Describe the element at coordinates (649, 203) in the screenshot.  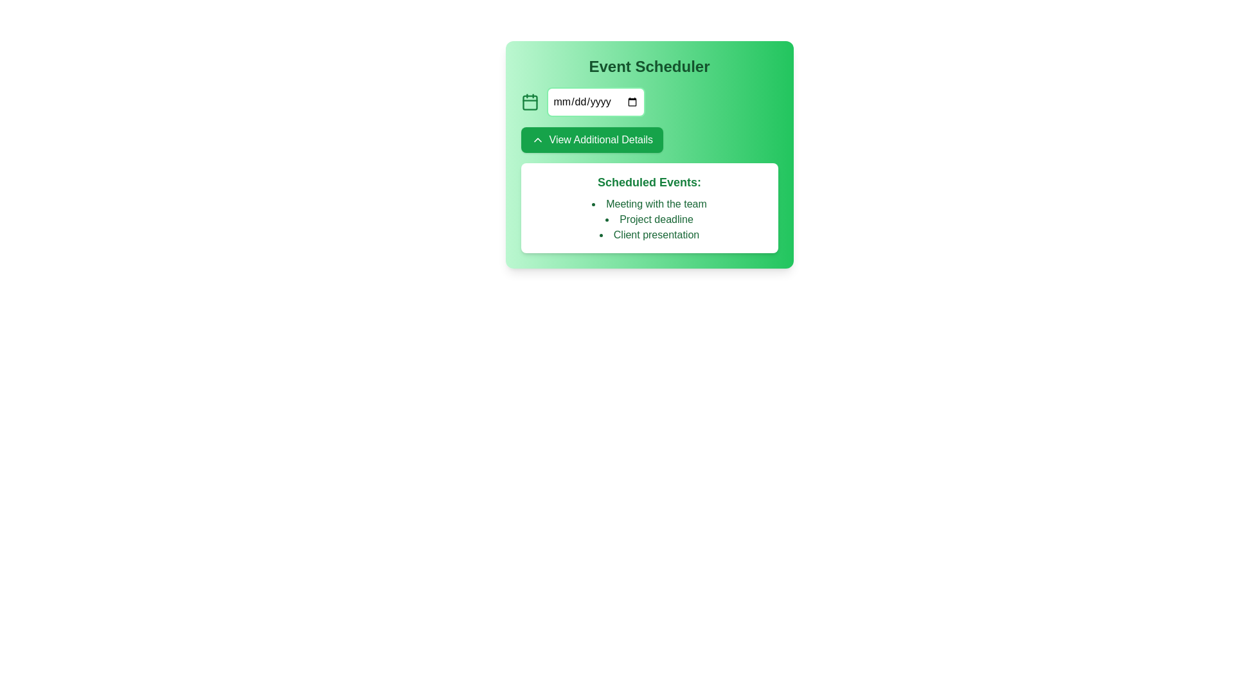
I see `the first list item displaying 'Meeting with the team' in bold green styling within the 'Scheduled Events' section` at that location.